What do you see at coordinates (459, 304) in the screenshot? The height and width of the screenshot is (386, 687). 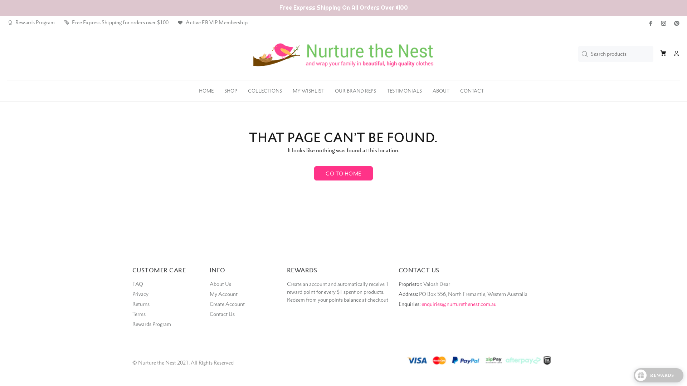 I see `'enquiries@nurturethenest.com.au'` at bounding box center [459, 304].